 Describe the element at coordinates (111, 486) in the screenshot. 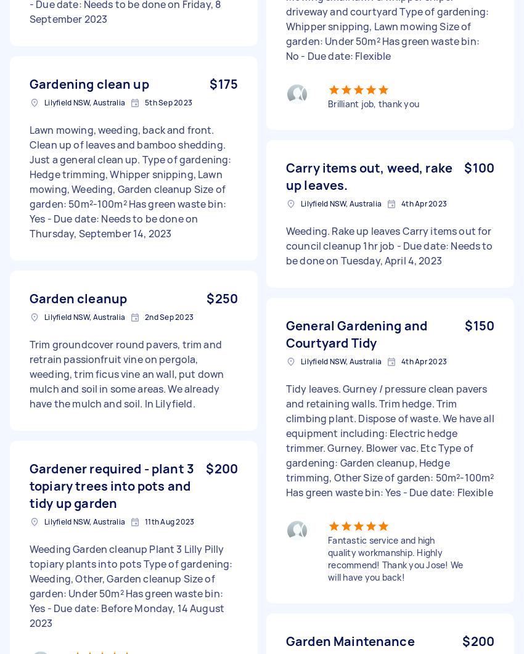

I see `'Gardener required - plant 3 topiary trees into pots and tidy up garden'` at that location.